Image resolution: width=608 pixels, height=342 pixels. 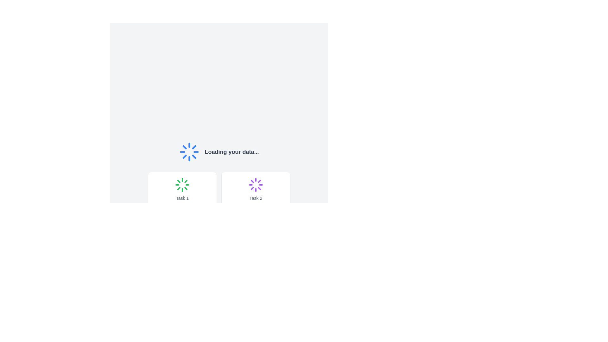 I want to click on text label that displays the task identifier, positioned in the lower section of the first card on the left side of the interface, so click(x=182, y=198).